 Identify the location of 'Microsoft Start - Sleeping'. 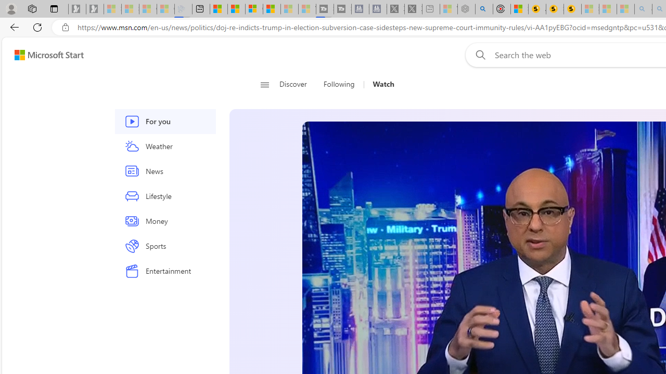
(289, 9).